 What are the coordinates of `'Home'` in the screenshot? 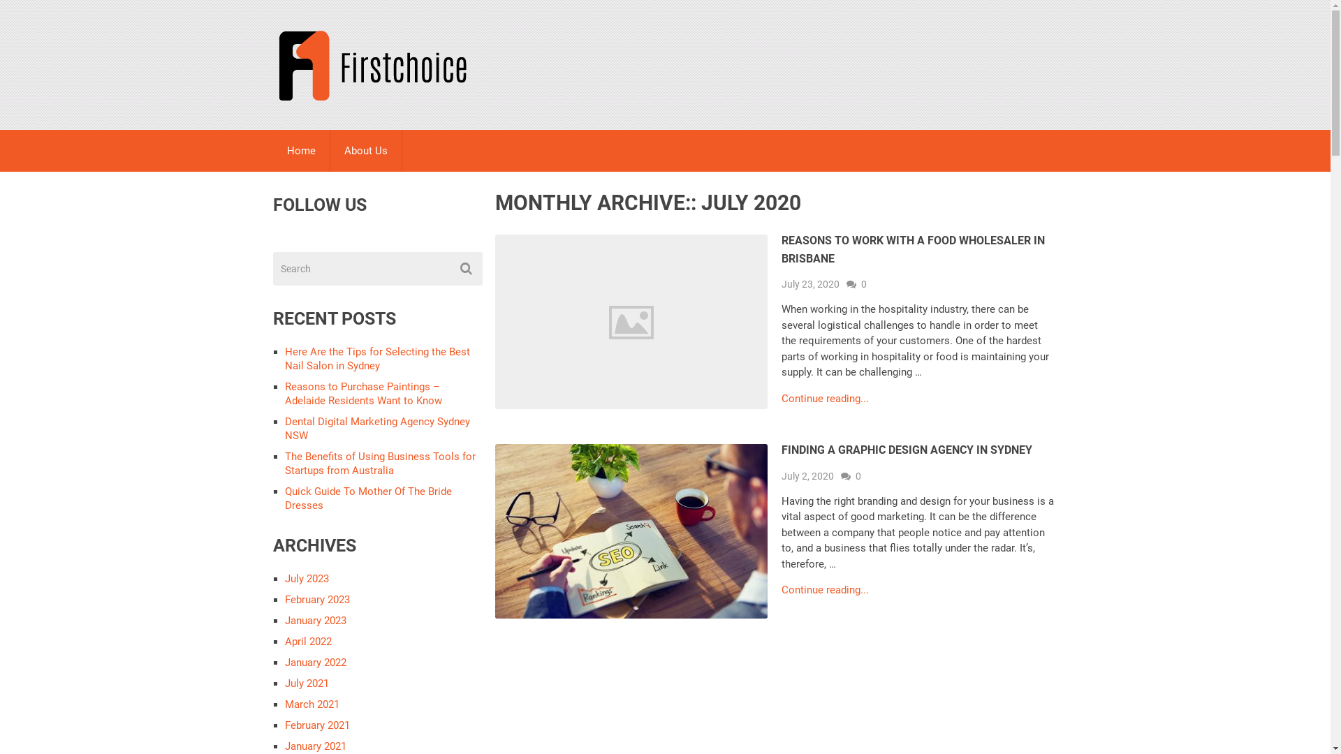 It's located at (272, 151).